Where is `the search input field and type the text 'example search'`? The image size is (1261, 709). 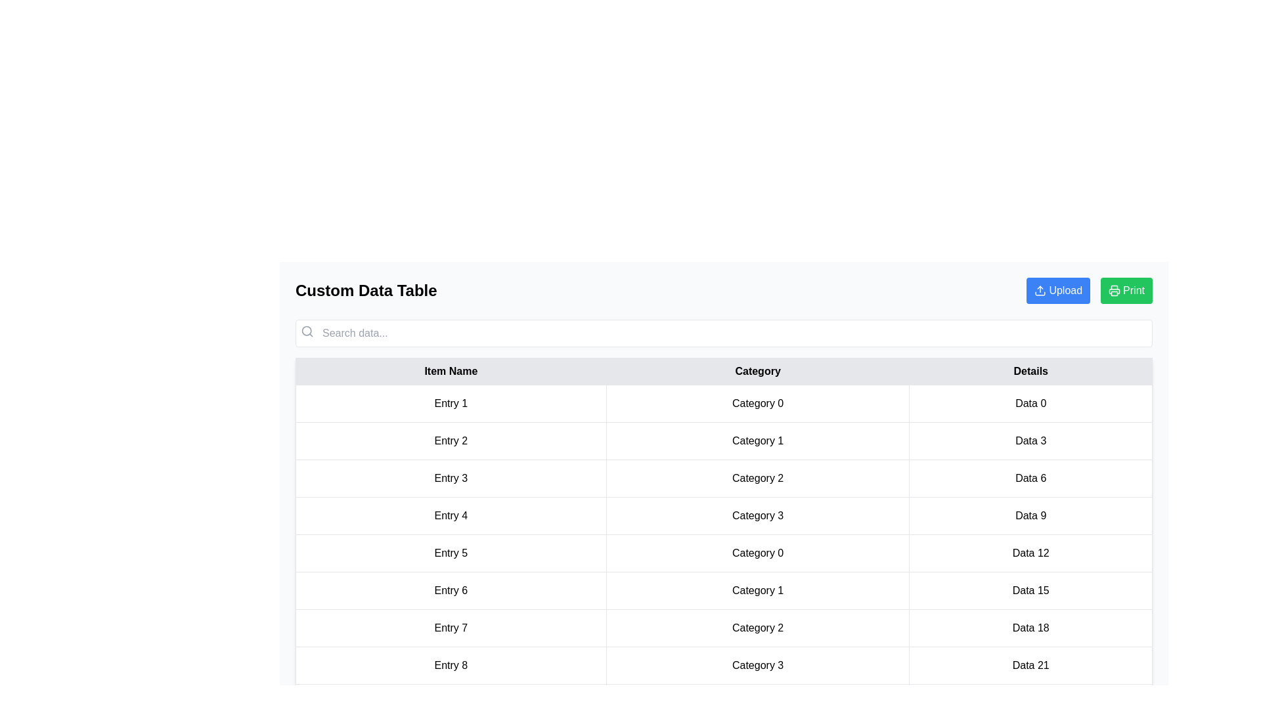
the search input field and type the text 'example search' is located at coordinates (723, 333).